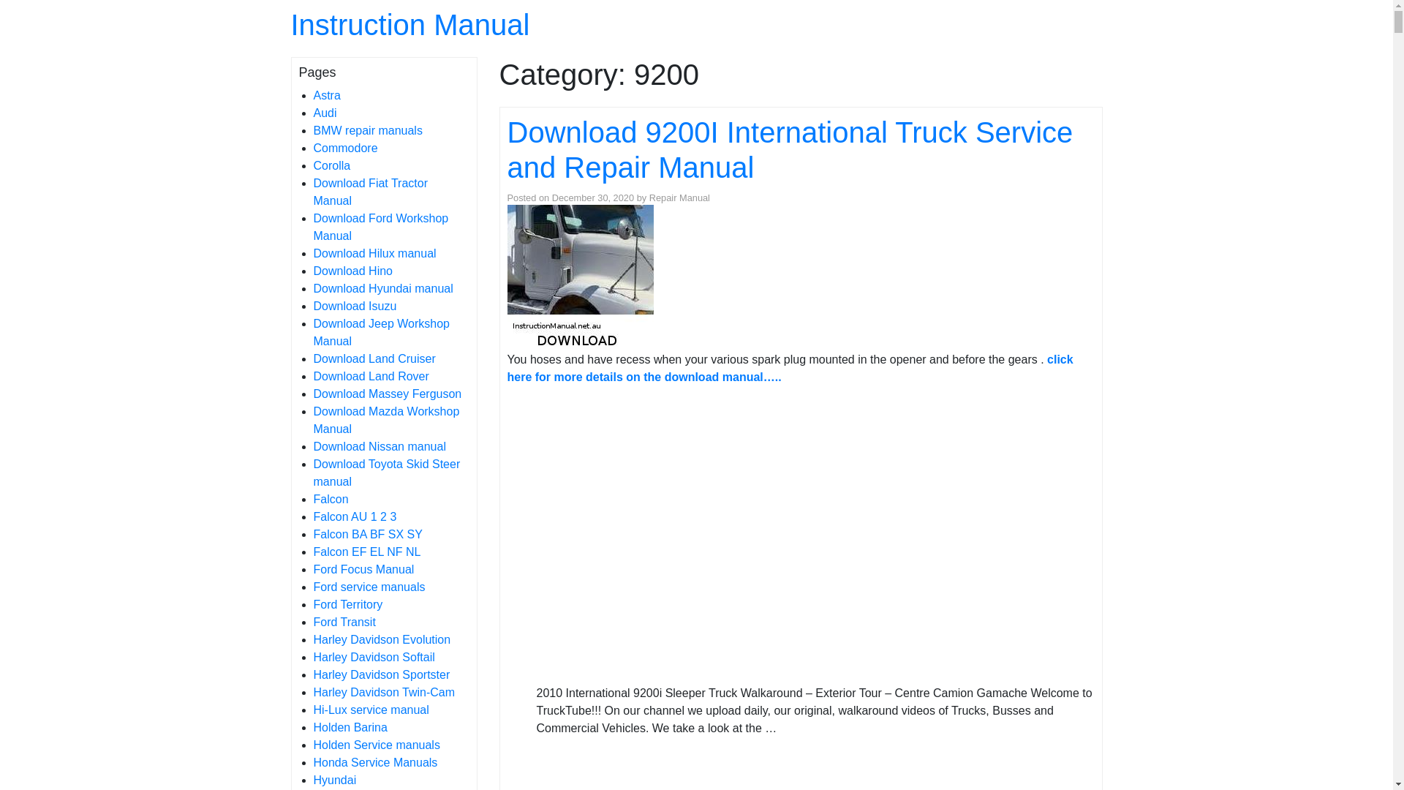  What do you see at coordinates (333, 779) in the screenshot?
I see `'Hyundai'` at bounding box center [333, 779].